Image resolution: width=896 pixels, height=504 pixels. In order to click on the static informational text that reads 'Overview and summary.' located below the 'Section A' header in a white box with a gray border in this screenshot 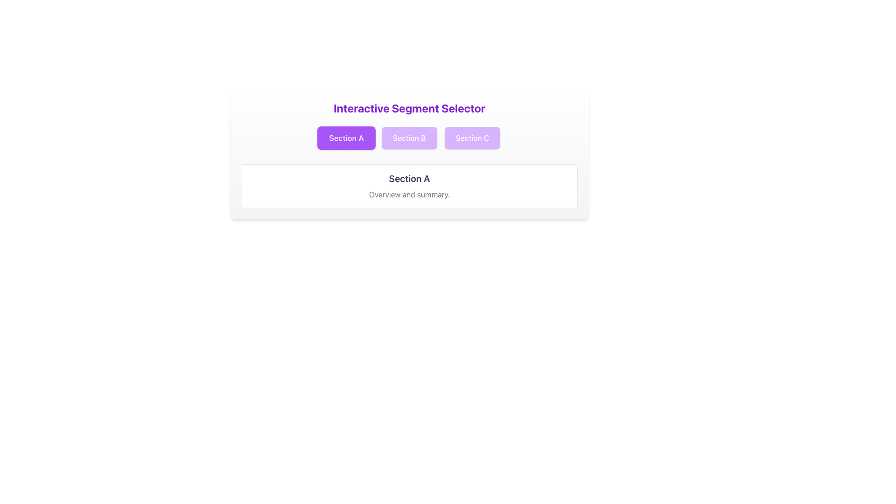, I will do `click(409, 194)`.